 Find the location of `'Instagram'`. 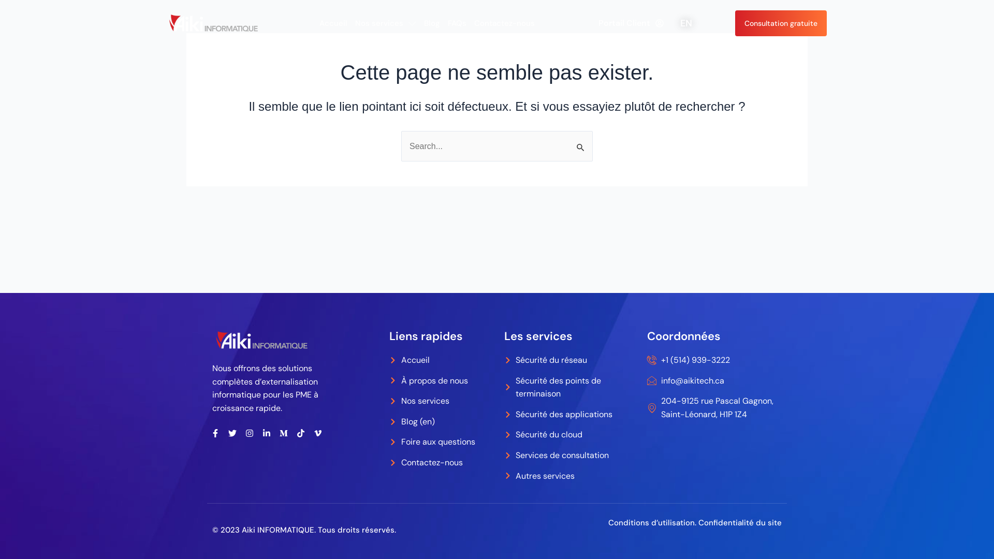

'Instagram' is located at coordinates (249, 433).